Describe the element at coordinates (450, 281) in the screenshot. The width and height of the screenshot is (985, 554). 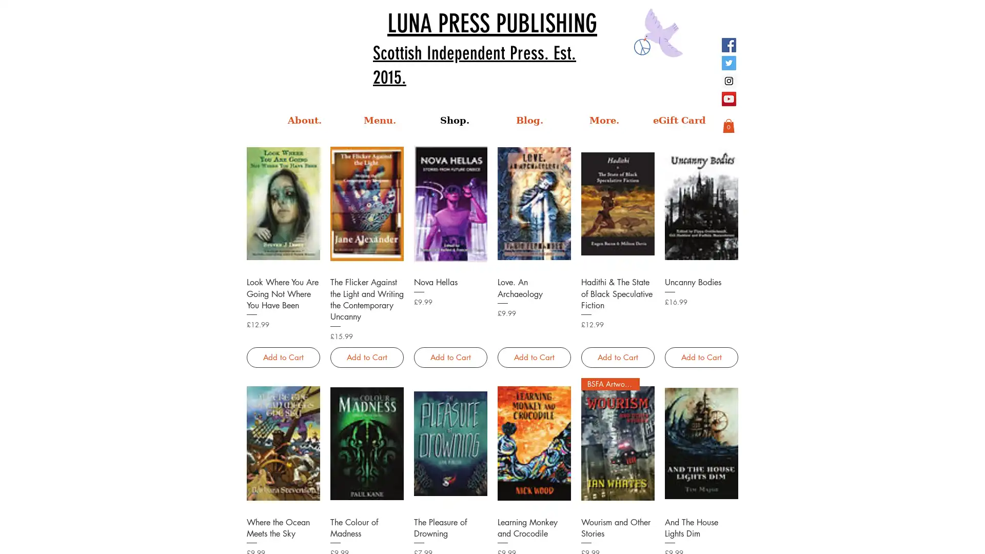
I see `Quick View` at that location.